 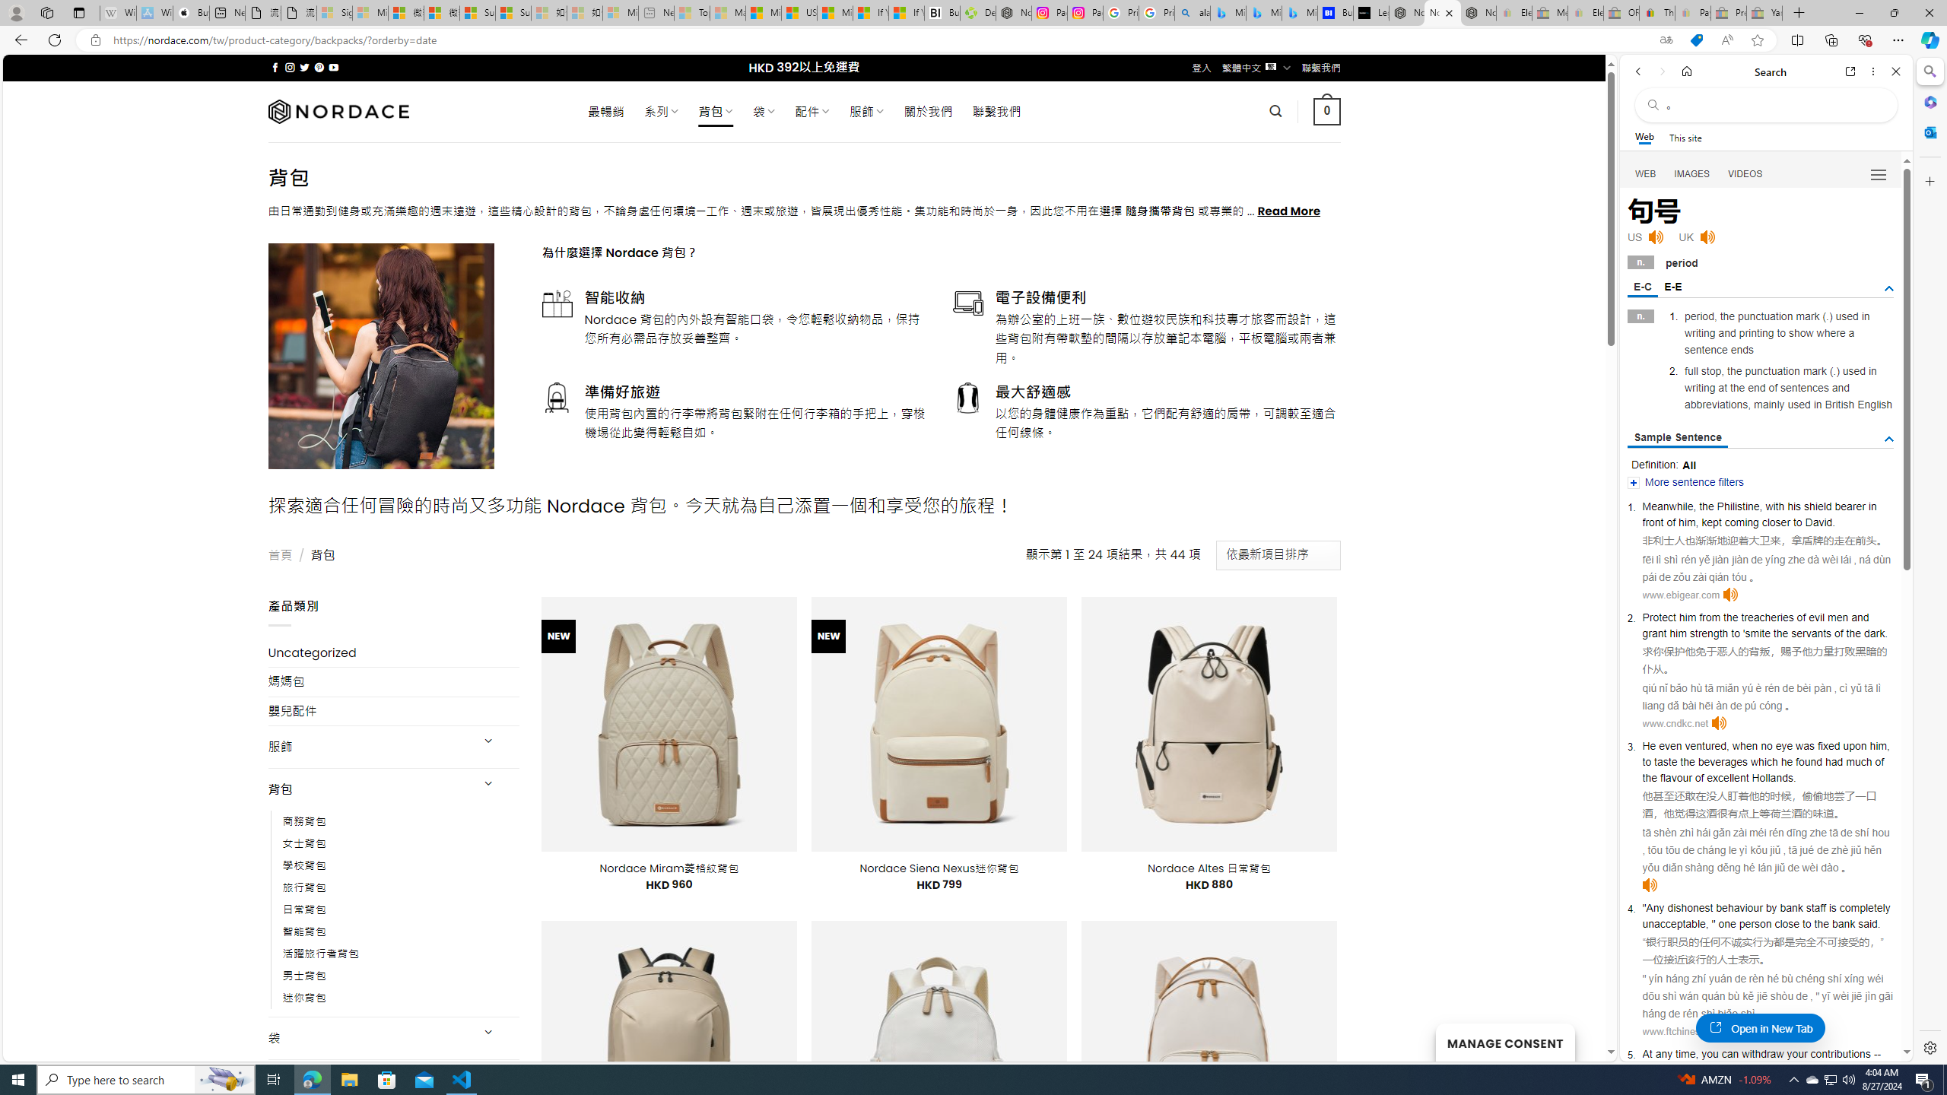 What do you see at coordinates (1866, 923) in the screenshot?
I see `'said'` at bounding box center [1866, 923].